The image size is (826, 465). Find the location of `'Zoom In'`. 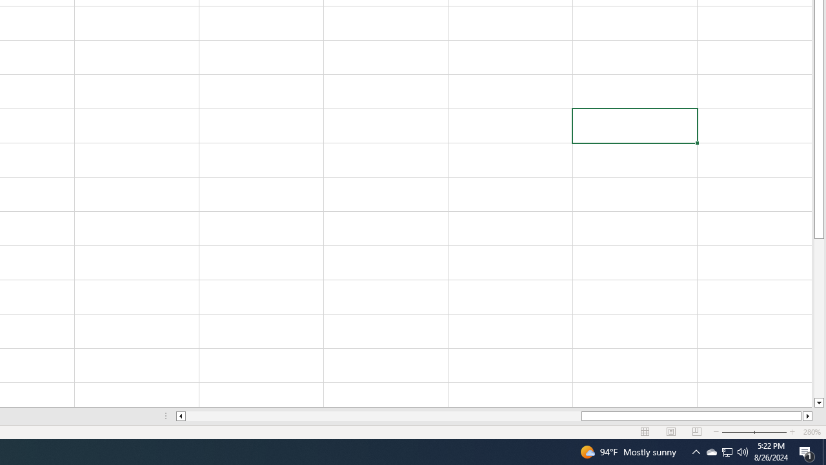

'Zoom In' is located at coordinates (791, 432).